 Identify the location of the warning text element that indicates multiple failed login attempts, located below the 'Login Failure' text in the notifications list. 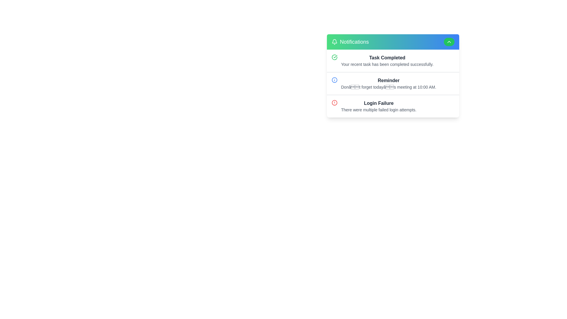
(379, 110).